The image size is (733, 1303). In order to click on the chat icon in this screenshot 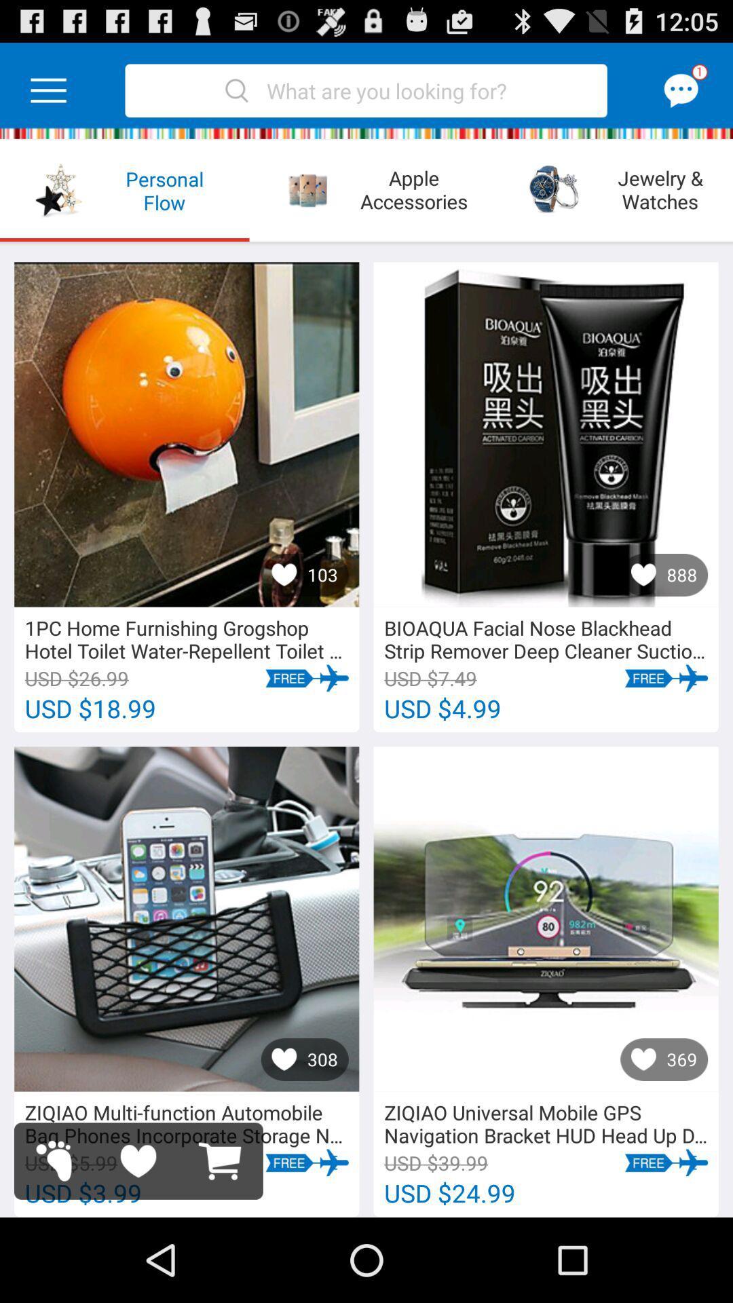, I will do `click(681, 96)`.